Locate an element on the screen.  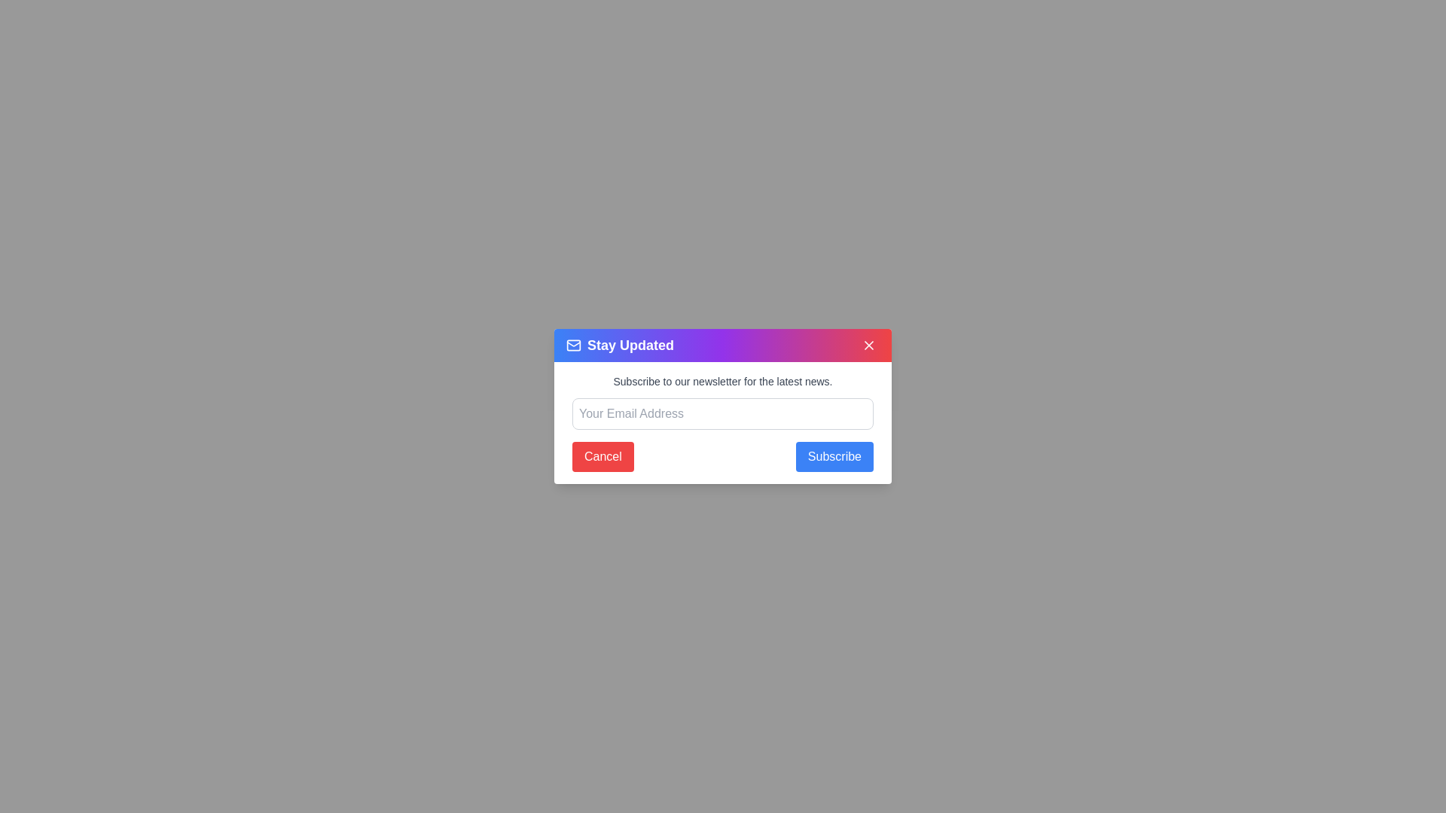
the 'Subscribe' button to submit the form is located at coordinates (834, 455).